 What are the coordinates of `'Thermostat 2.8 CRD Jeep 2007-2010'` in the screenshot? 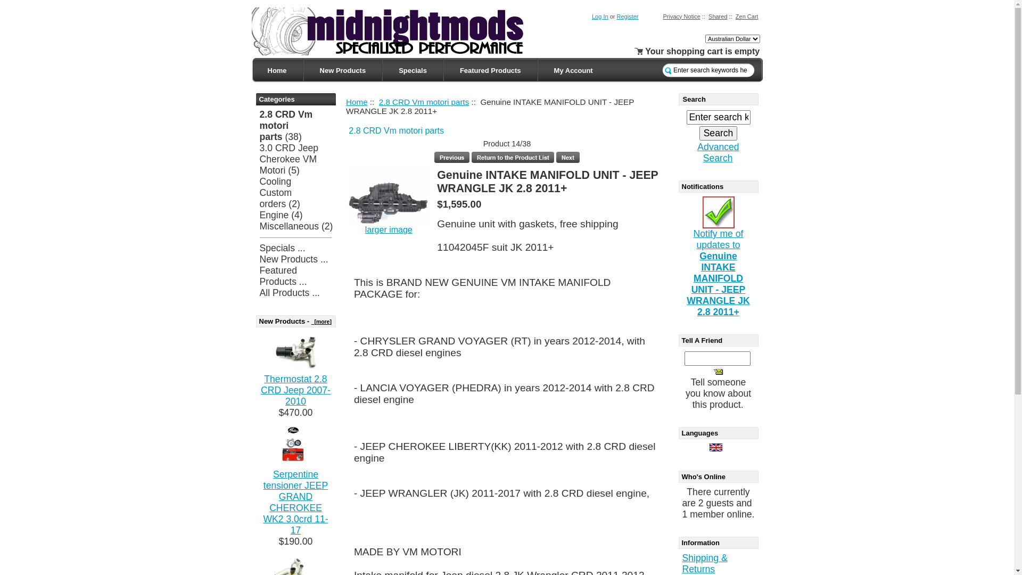 It's located at (295, 390).